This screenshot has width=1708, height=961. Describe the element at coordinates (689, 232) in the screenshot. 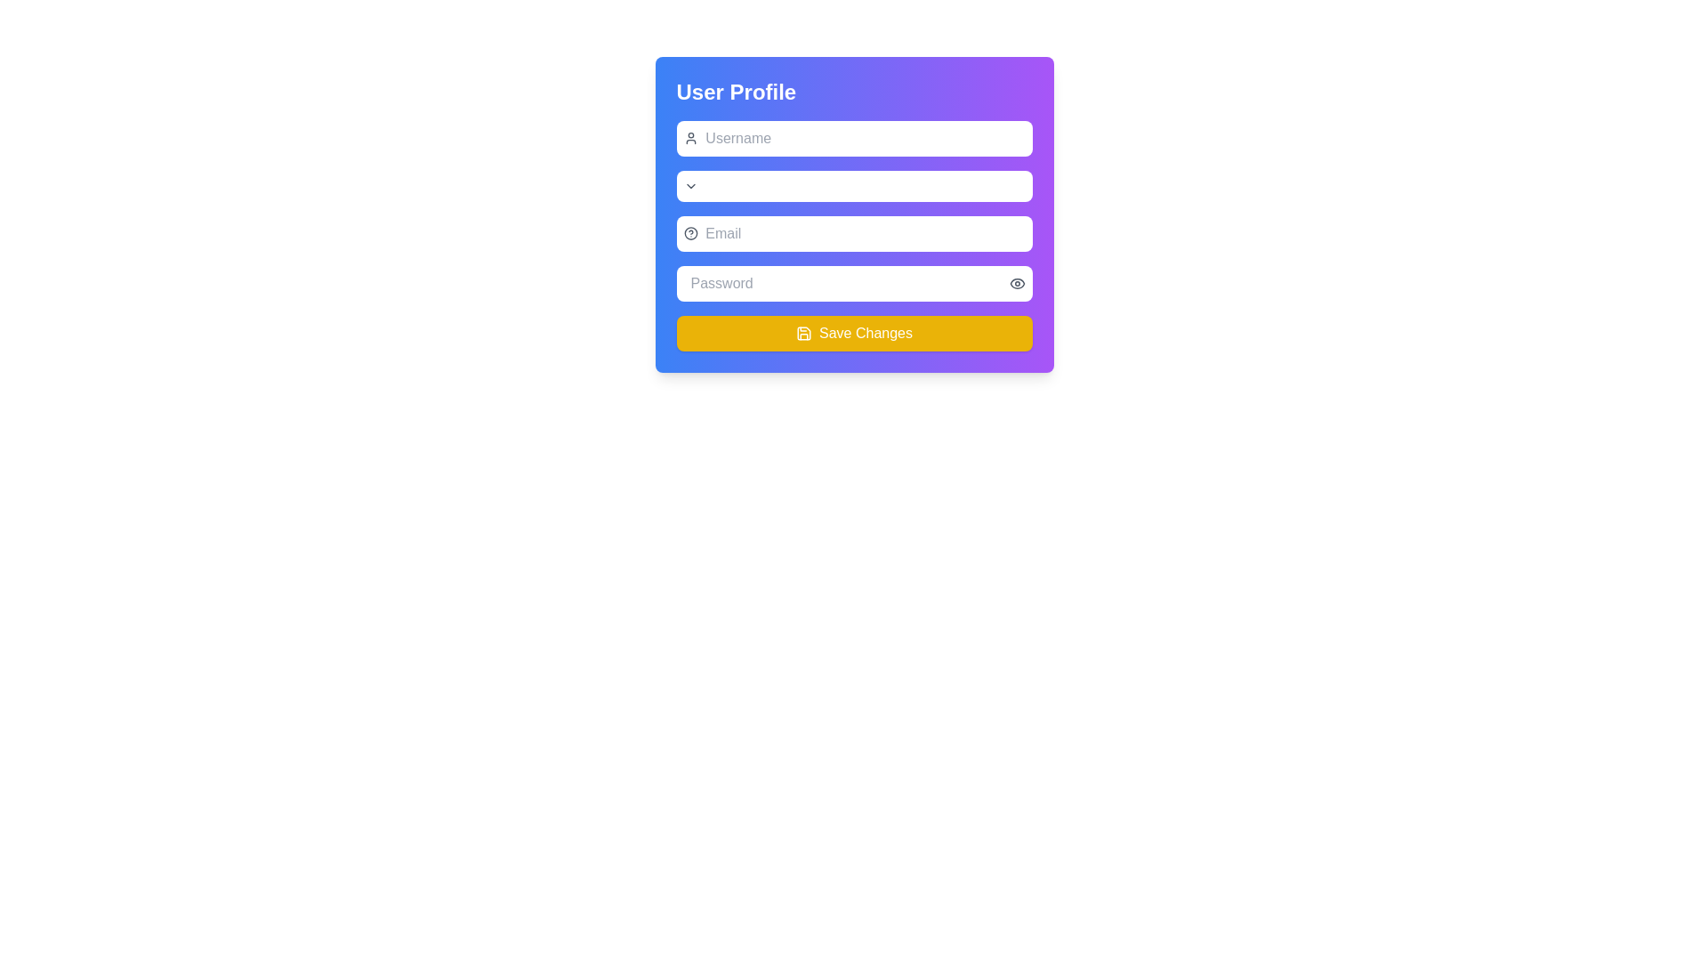

I see `the outer circle of the help icon associated with the email input field, which is represented by a vector graphic component` at that location.